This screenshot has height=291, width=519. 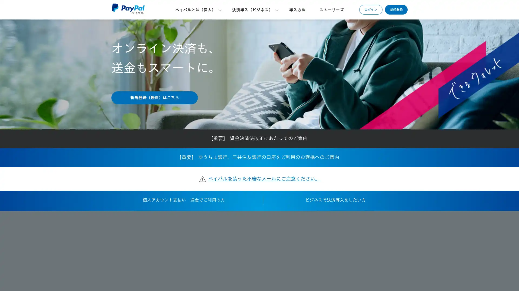 I want to click on (), so click(x=154, y=98).